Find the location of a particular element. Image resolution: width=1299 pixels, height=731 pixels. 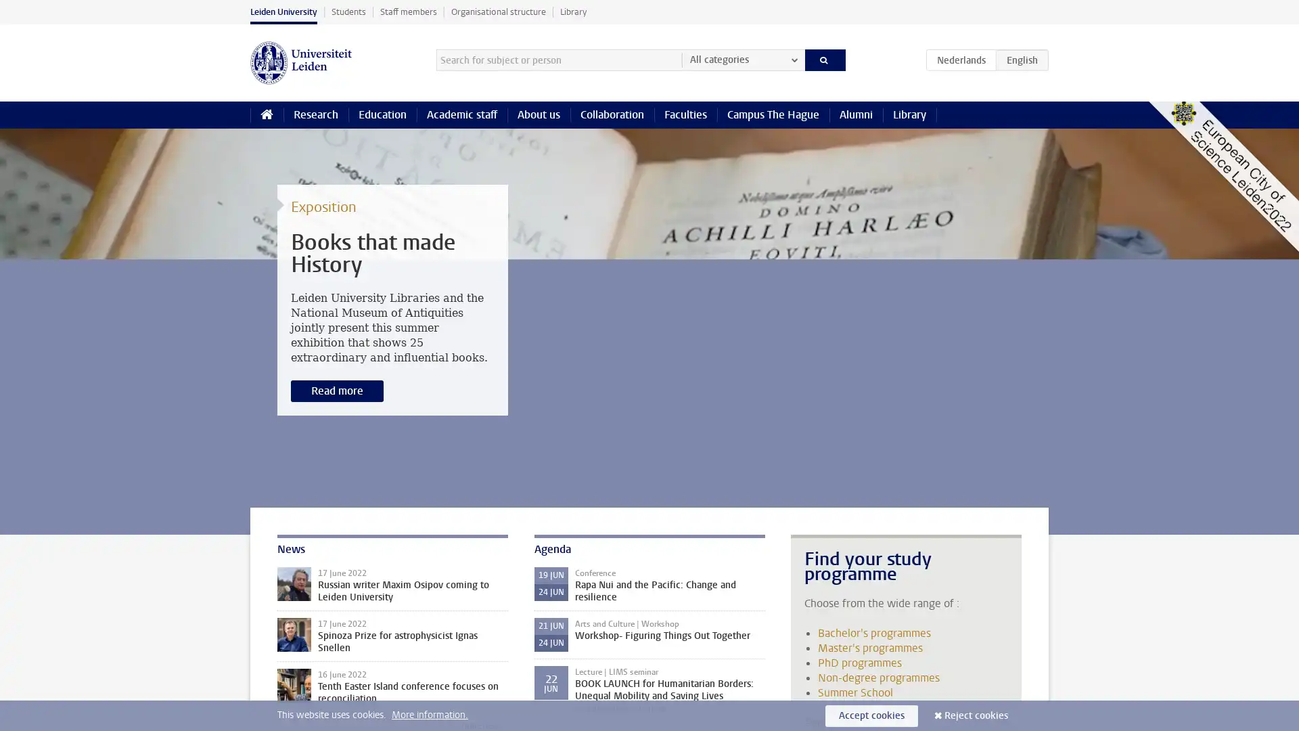

Accept cookies is located at coordinates (871, 715).